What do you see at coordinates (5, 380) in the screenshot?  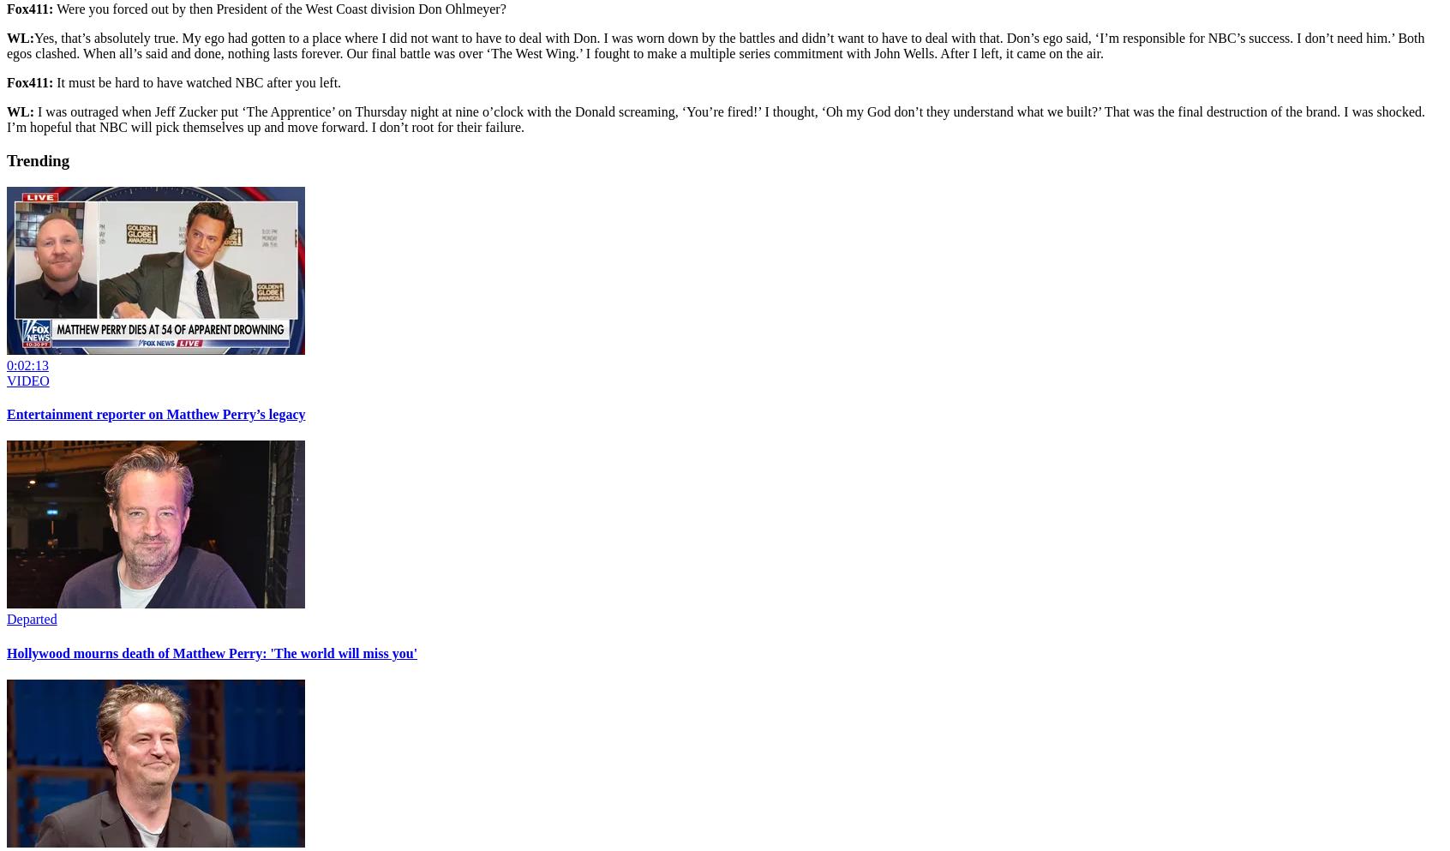 I see `'VIDEO'` at bounding box center [5, 380].